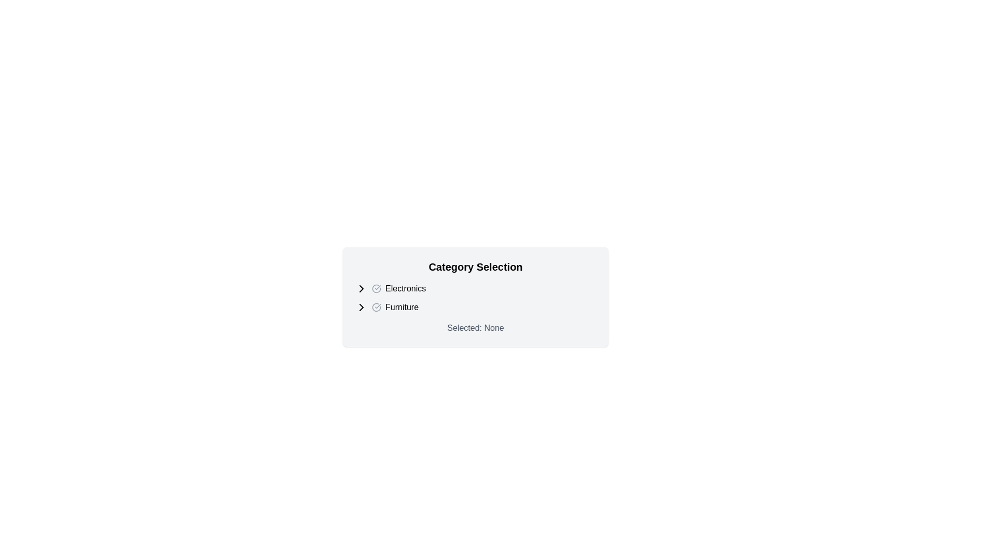  I want to click on the second list item under 'Category Selection', positioned below 'Electronics', so click(475, 307).